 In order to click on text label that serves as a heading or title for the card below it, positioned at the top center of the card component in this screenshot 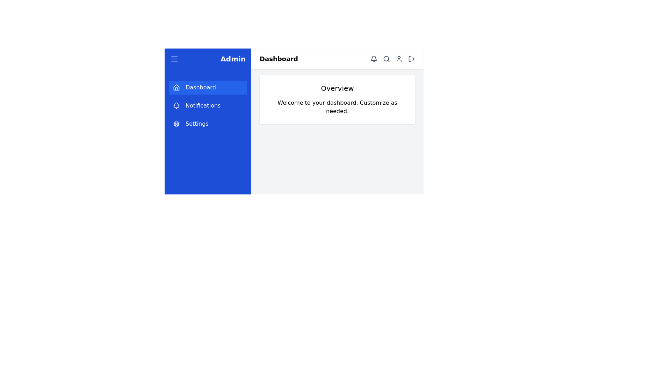, I will do `click(337, 88)`.